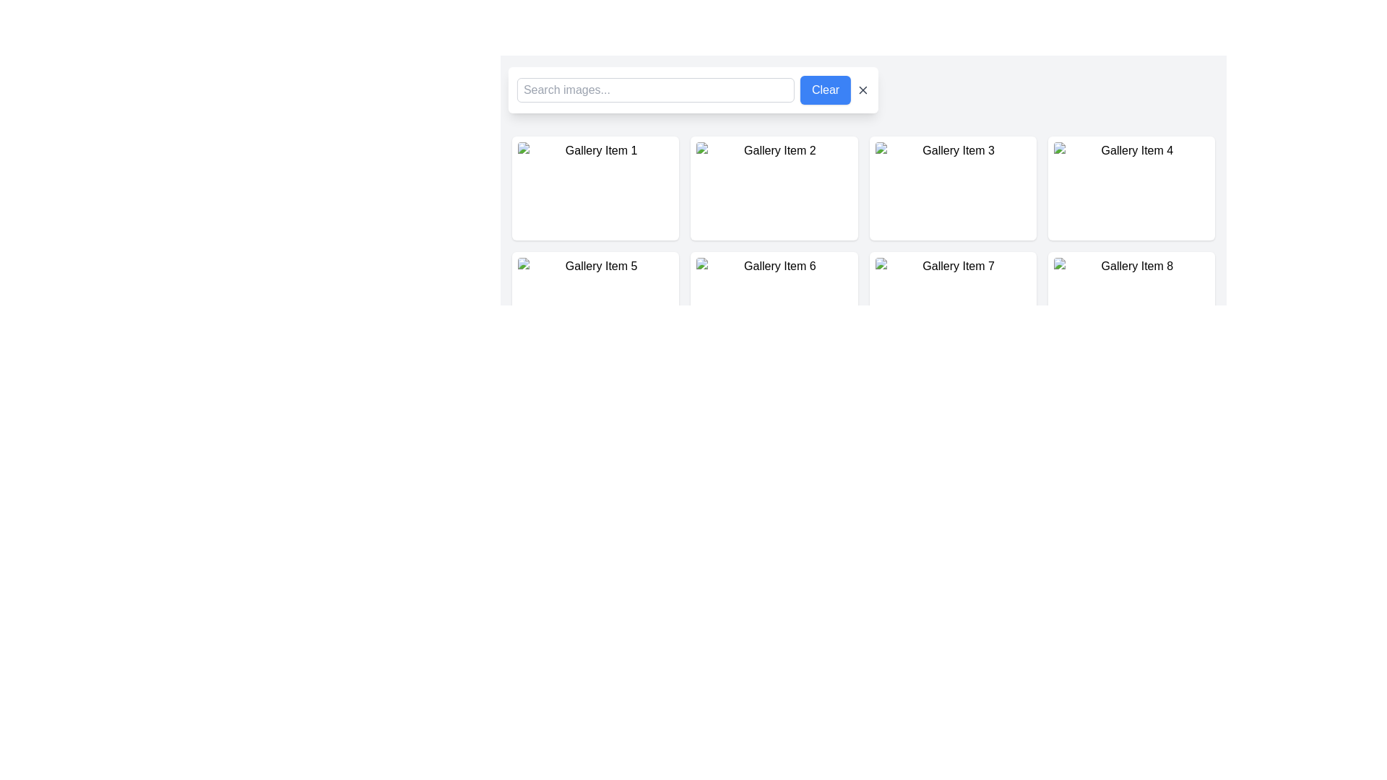 Image resolution: width=1387 pixels, height=780 pixels. I want to click on the image preview representing 'Gallery Item 7', so click(953, 303).